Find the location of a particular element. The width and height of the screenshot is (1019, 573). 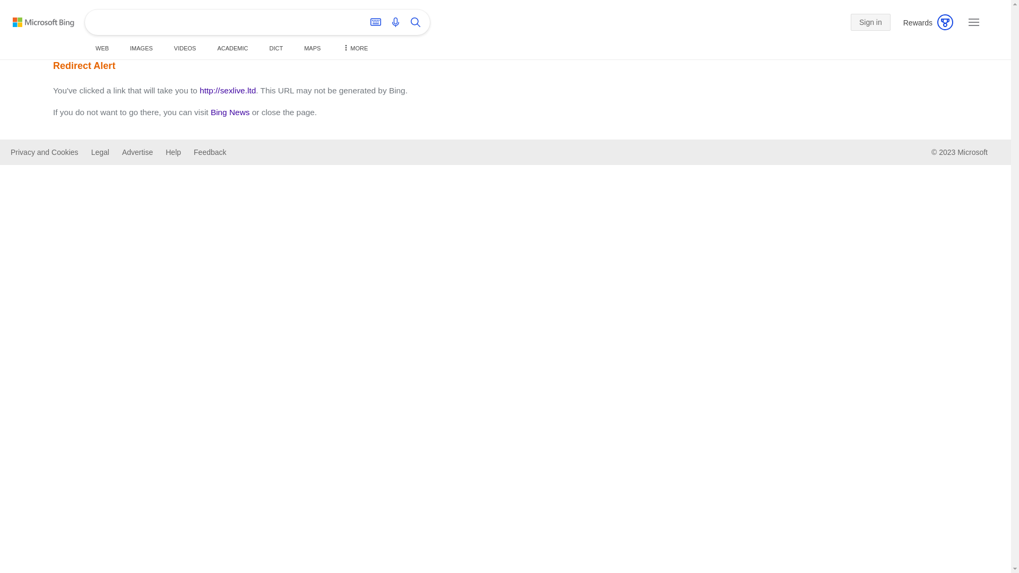

'IMAGES' is located at coordinates (141, 48).